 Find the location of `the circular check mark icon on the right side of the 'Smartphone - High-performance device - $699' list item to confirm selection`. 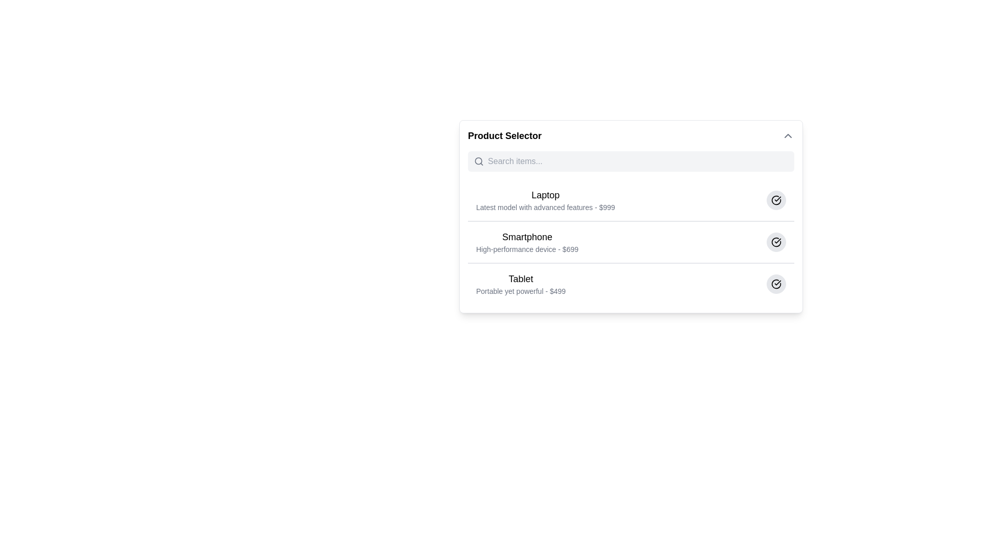

the circular check mark icon on the right side of the 'Smartphone - High-performance device - $699' list item to confirm selection is located at coordinates (776, 242).